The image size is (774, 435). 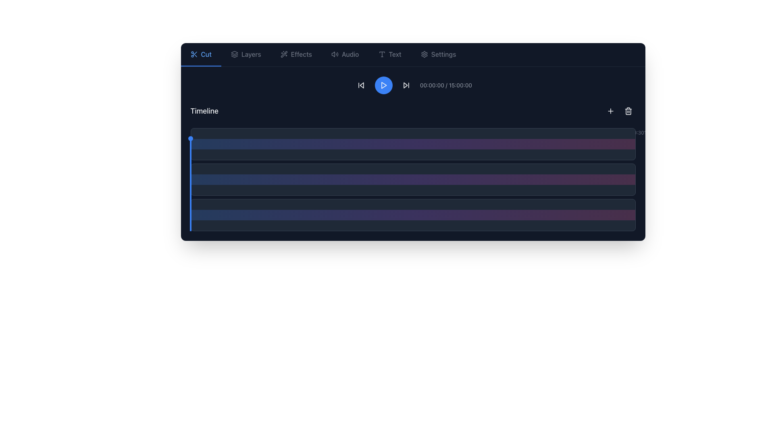 What do you see at coordinates (360, 85) in the screenshot?
I see `the circular button with a skip-backward icon located to the left of the blue play button in the media control group to observe the hover interaction` at bounding box center [360, 85].